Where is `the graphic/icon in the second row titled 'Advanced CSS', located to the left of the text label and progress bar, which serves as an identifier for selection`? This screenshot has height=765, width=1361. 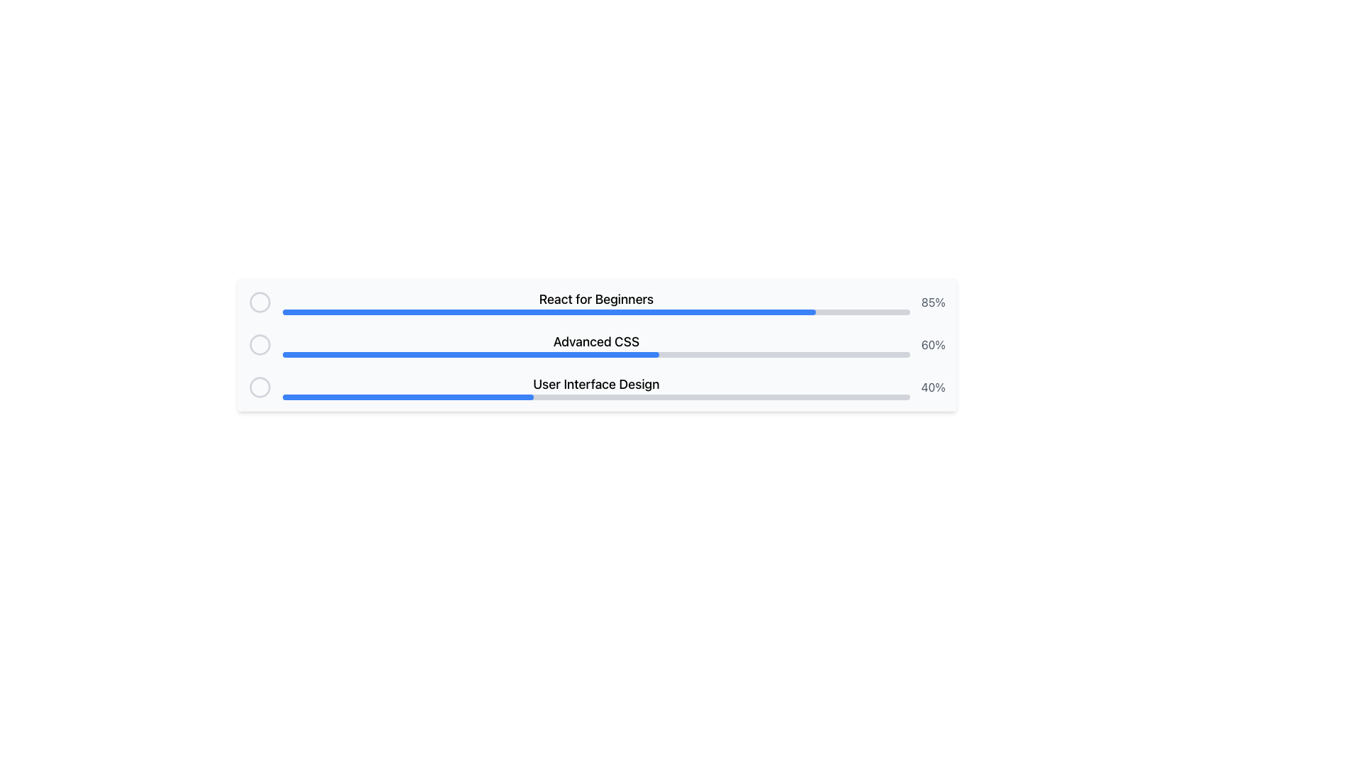
the graphic/icon in the second row titled 'Advanced CSS', located to the left of the text label and progress bar, which serves as an identifier for selection is located at coordinates (259, 344).